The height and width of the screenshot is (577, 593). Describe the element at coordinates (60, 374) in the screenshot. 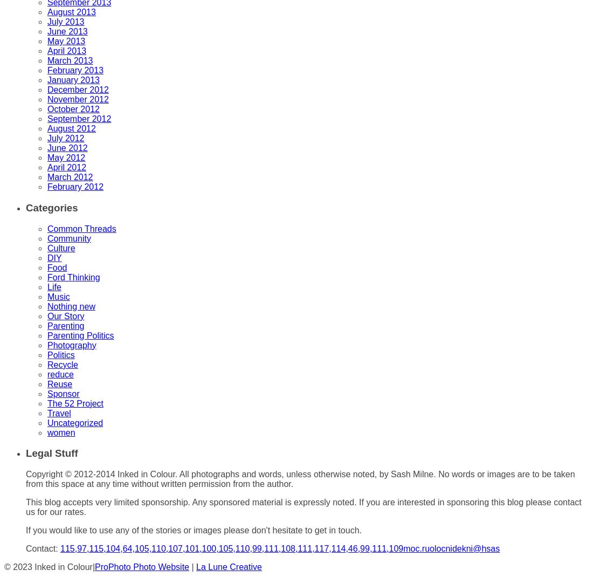

I see `'reduce'` at that location.